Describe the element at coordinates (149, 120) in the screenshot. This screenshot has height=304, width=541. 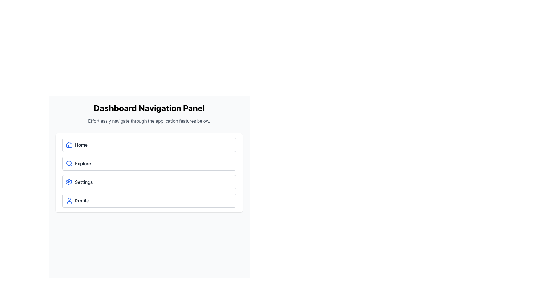
I see `paragraph text styled in gray color that says 'Effortlessly navigate through the application features below.' It is located under the 'Dashboard Navigation Panel' heading and above the navigation options list` at that location.